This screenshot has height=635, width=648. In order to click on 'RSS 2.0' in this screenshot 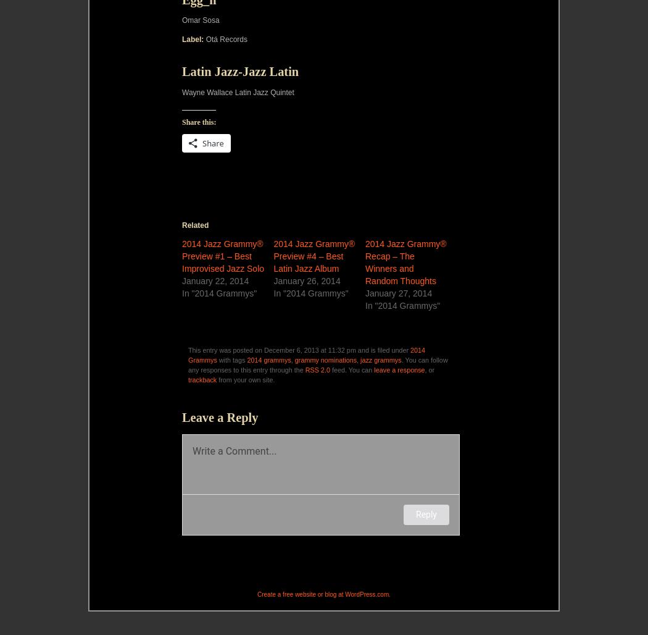, I will do `click(316, 369)`.